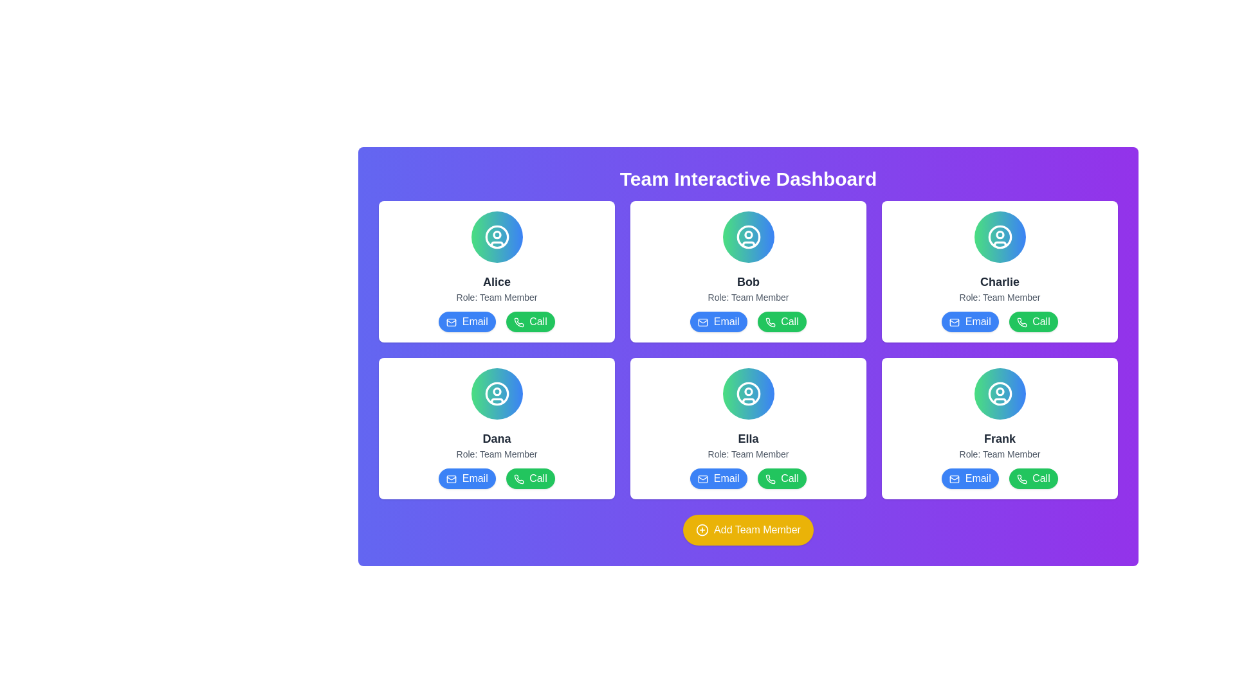  Describe the element at coordinates (955, 321) in the screenshot. I see `the email icon associated with team member Charlie, which is visually represented by an SVG Rectangle located in the top-right area of the team member grid layout` at that location.